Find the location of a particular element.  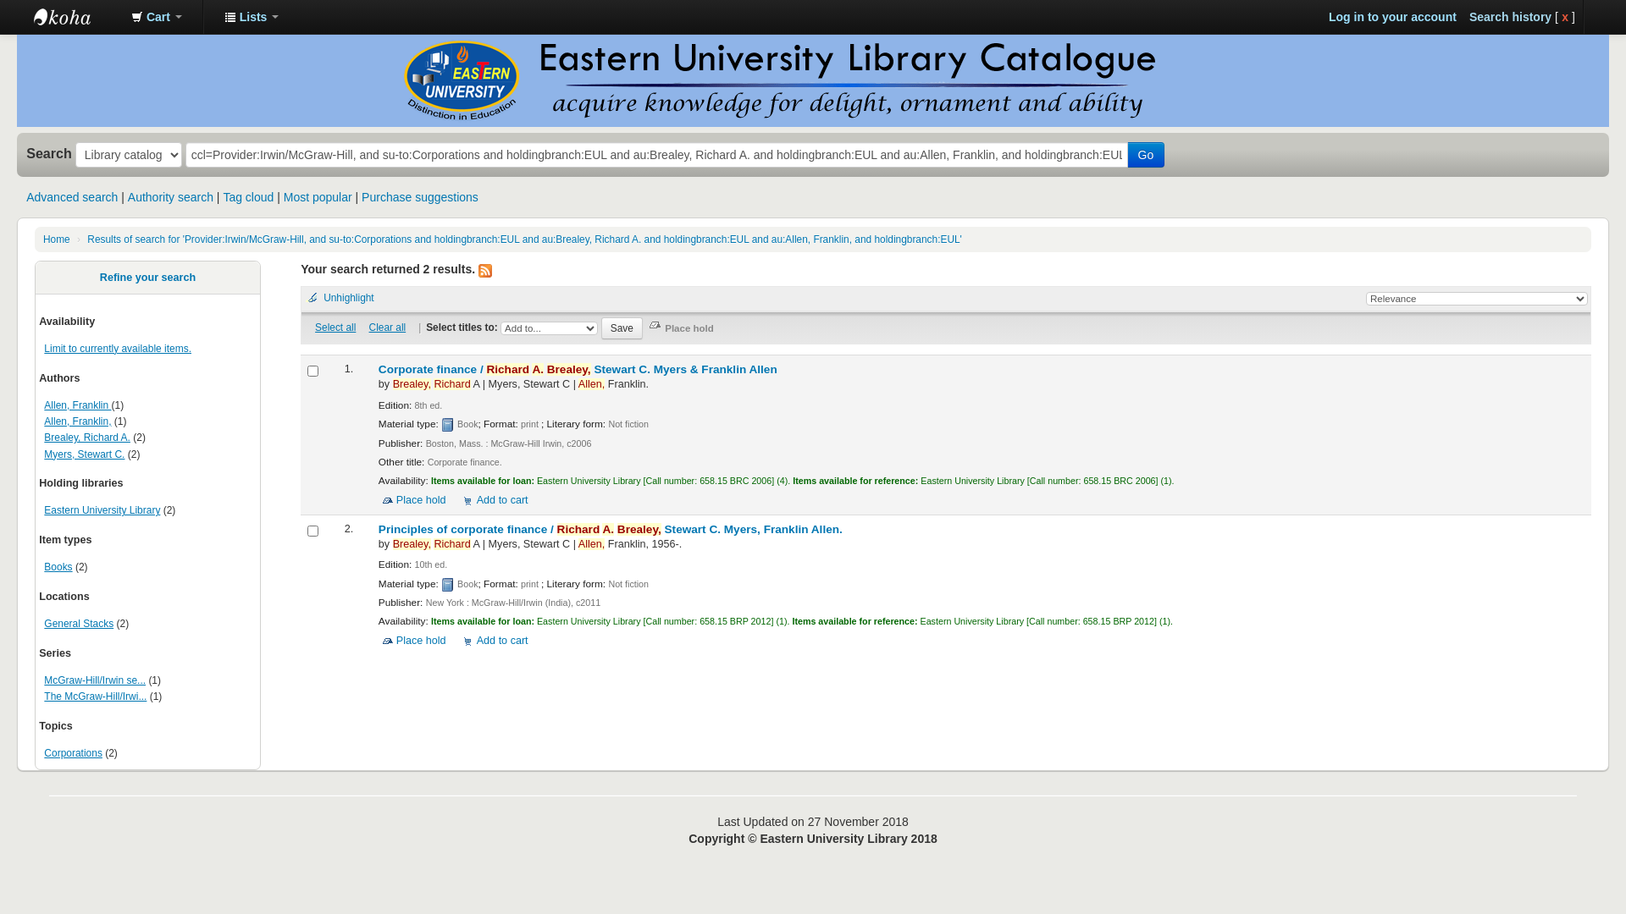

'Brealey, Richard A.' is located at coordinates (86, 436).